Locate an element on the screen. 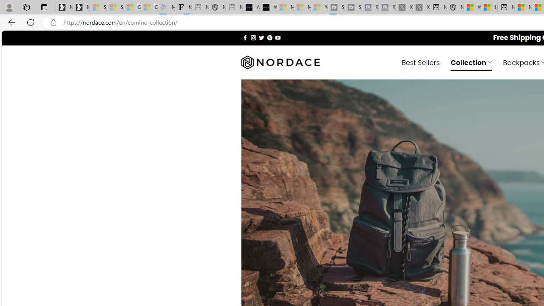 The height and width of the screenshot is (306, 544). 'Huge shark washes ashore at New York City beach | Watch' is located at coordinates (489, 7).